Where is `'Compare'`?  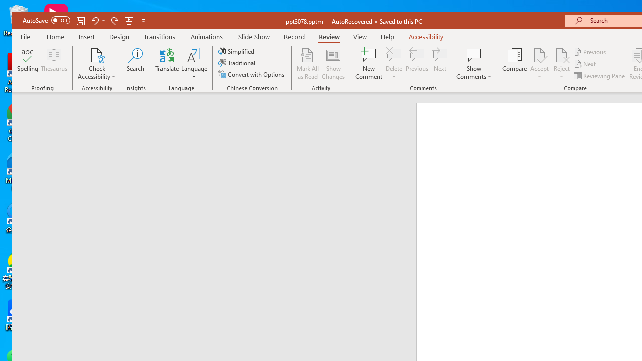
'Compare' is located at coordinates (514, 64).